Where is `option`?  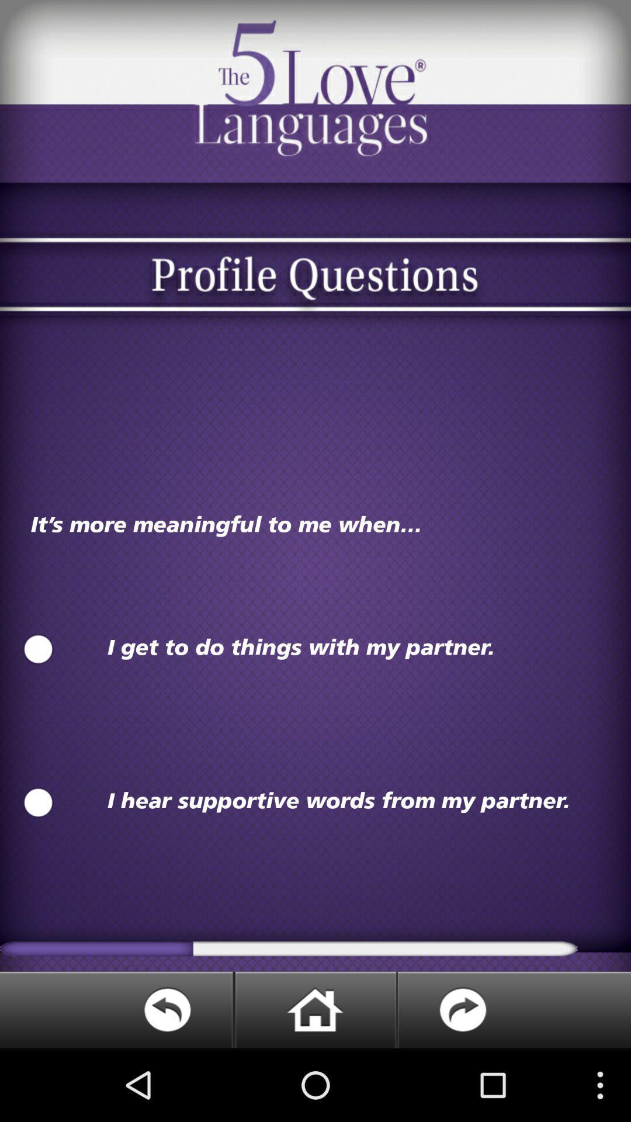
option is located at coordinates (37, 649).